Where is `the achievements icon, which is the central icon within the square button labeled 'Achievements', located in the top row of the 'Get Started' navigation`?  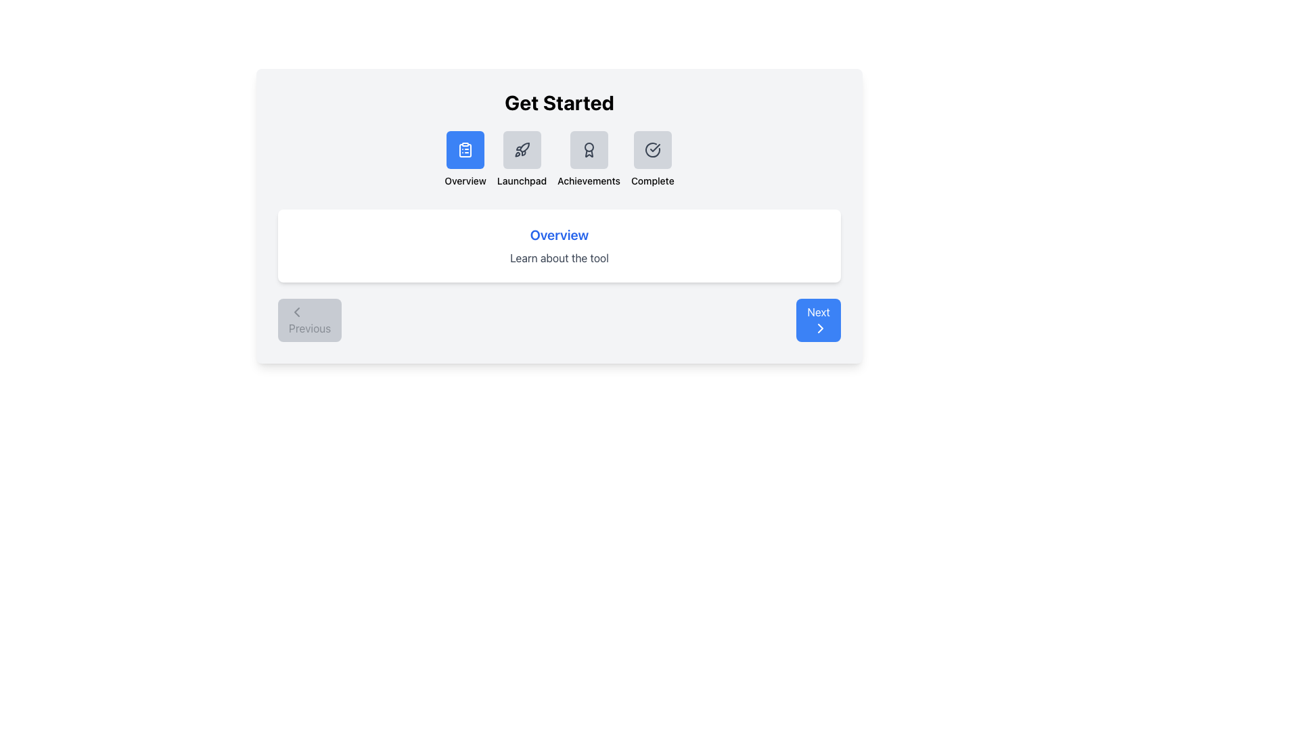
the achievements icon, which is the central icon within the square button labeled 'Achievements', located in the top row of the 'Get Started' navigation is located at coordinates (589, 150).